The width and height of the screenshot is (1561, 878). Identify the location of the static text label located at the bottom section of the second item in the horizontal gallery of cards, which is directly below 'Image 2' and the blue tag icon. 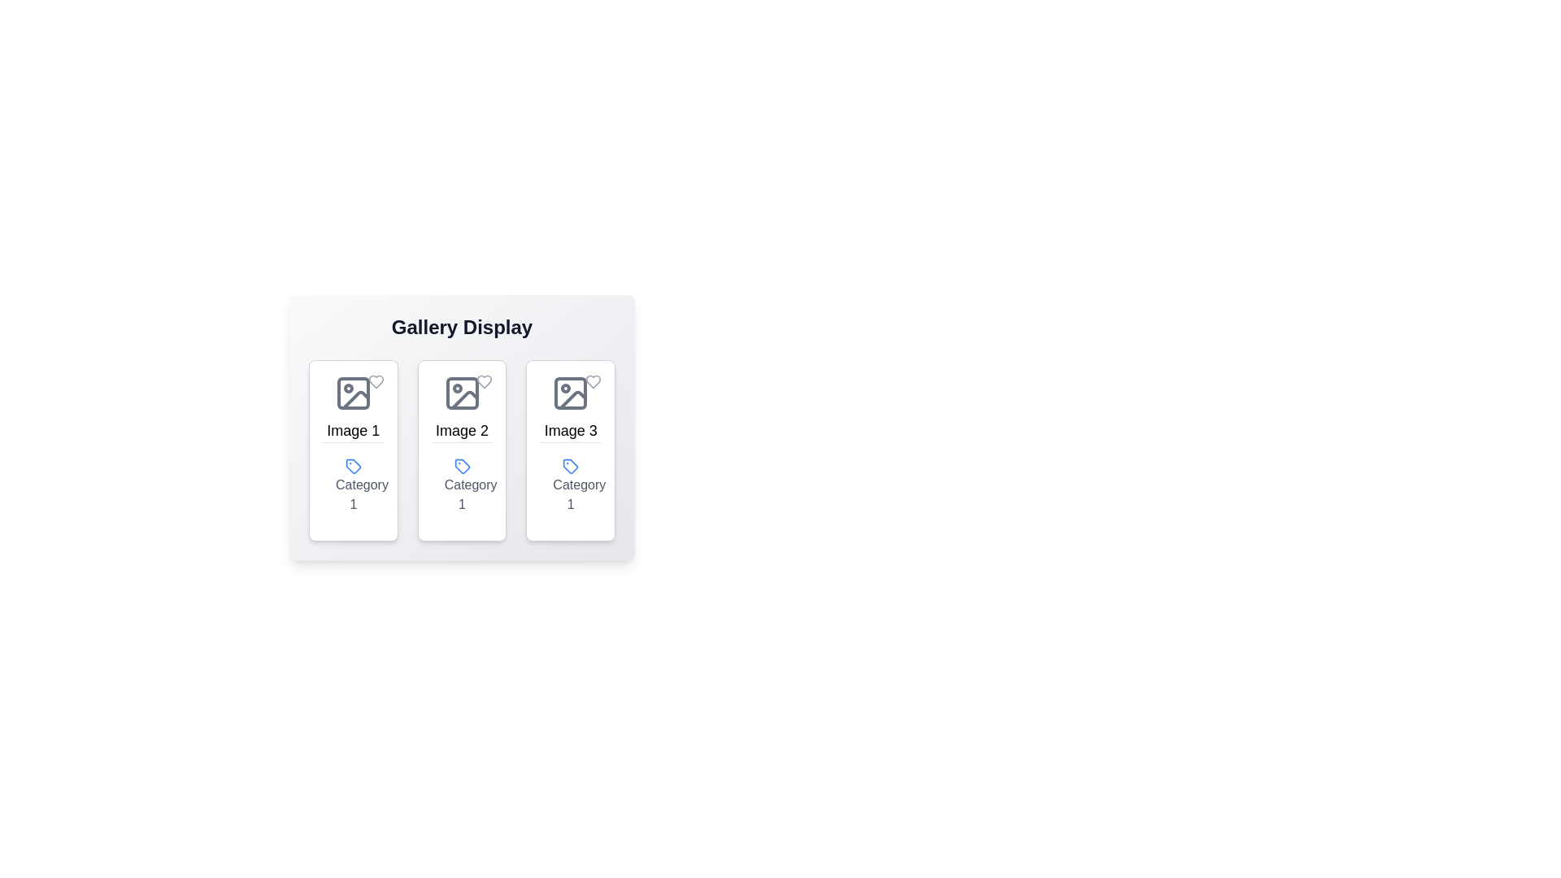
(461, 484).